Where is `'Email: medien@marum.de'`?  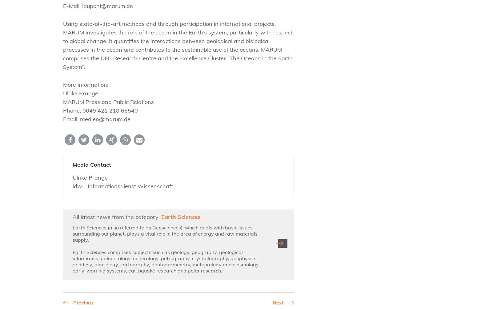
'Email: medien@marum.de' is located at coordinates (96, 119).